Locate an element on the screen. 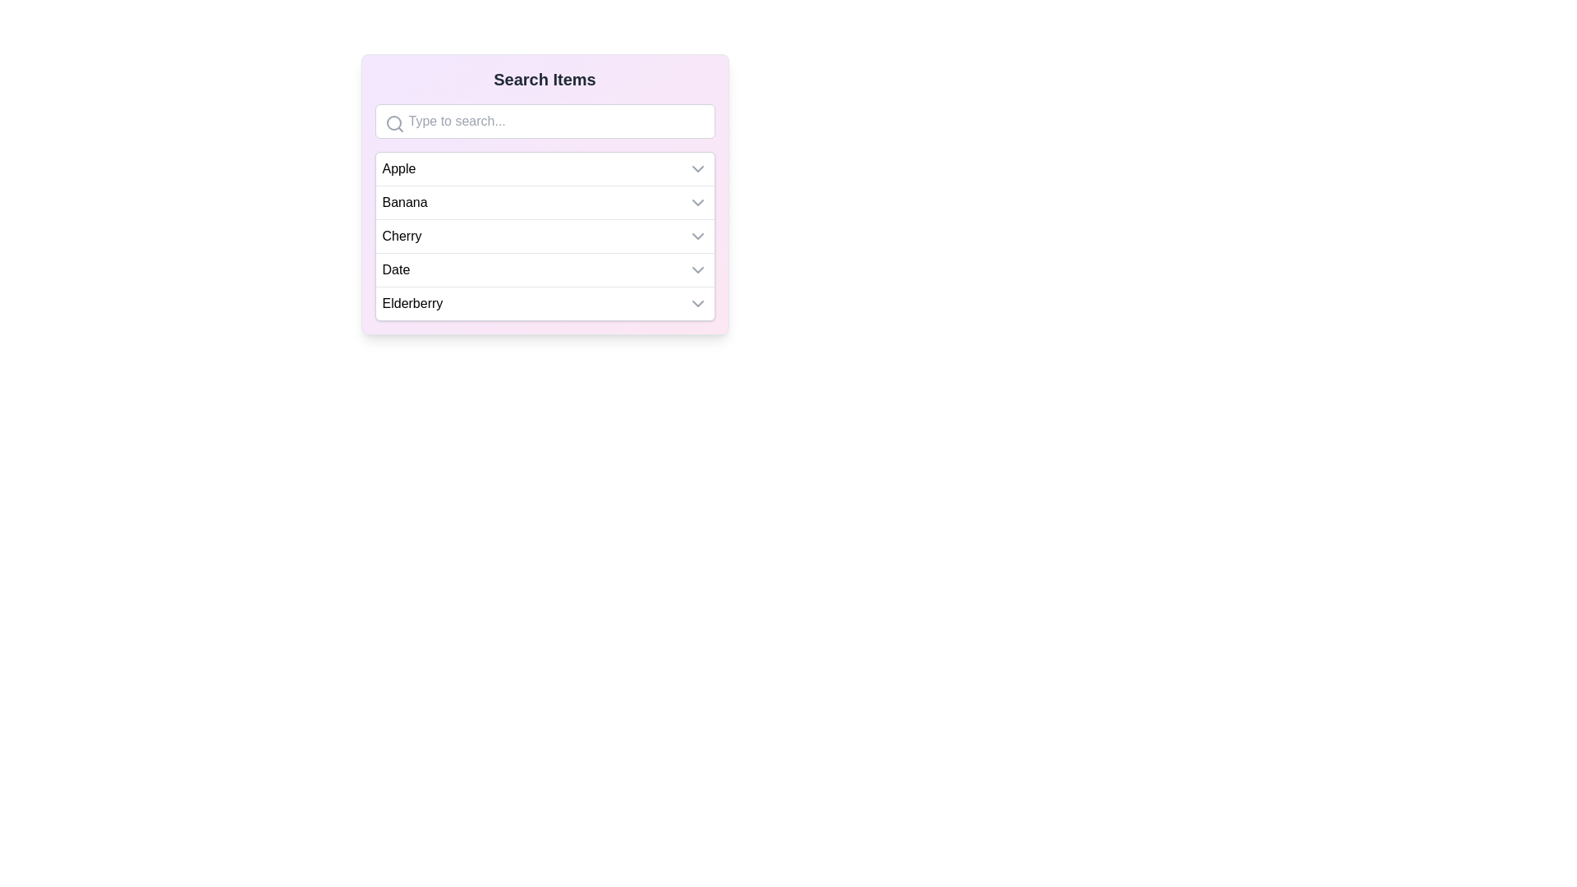 The height and width of the screenshot is (887, 1577). the small downward-facing gray chevron icon that serves as the dropdown indicator for the 'Date' row is located at coordinates (697, 269).